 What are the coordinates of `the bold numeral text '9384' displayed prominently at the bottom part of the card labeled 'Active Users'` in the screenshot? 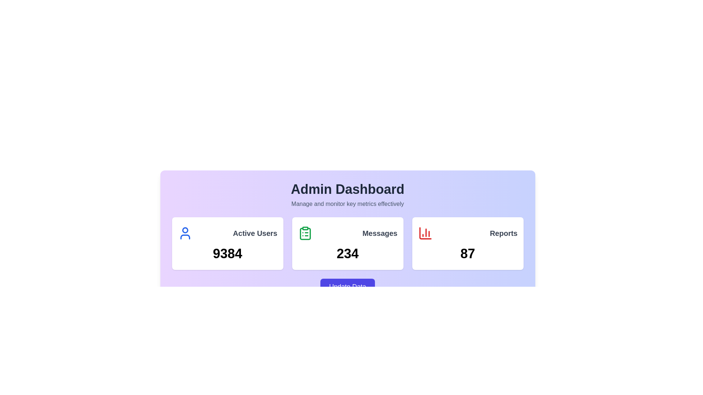 It's located at (227, 253).